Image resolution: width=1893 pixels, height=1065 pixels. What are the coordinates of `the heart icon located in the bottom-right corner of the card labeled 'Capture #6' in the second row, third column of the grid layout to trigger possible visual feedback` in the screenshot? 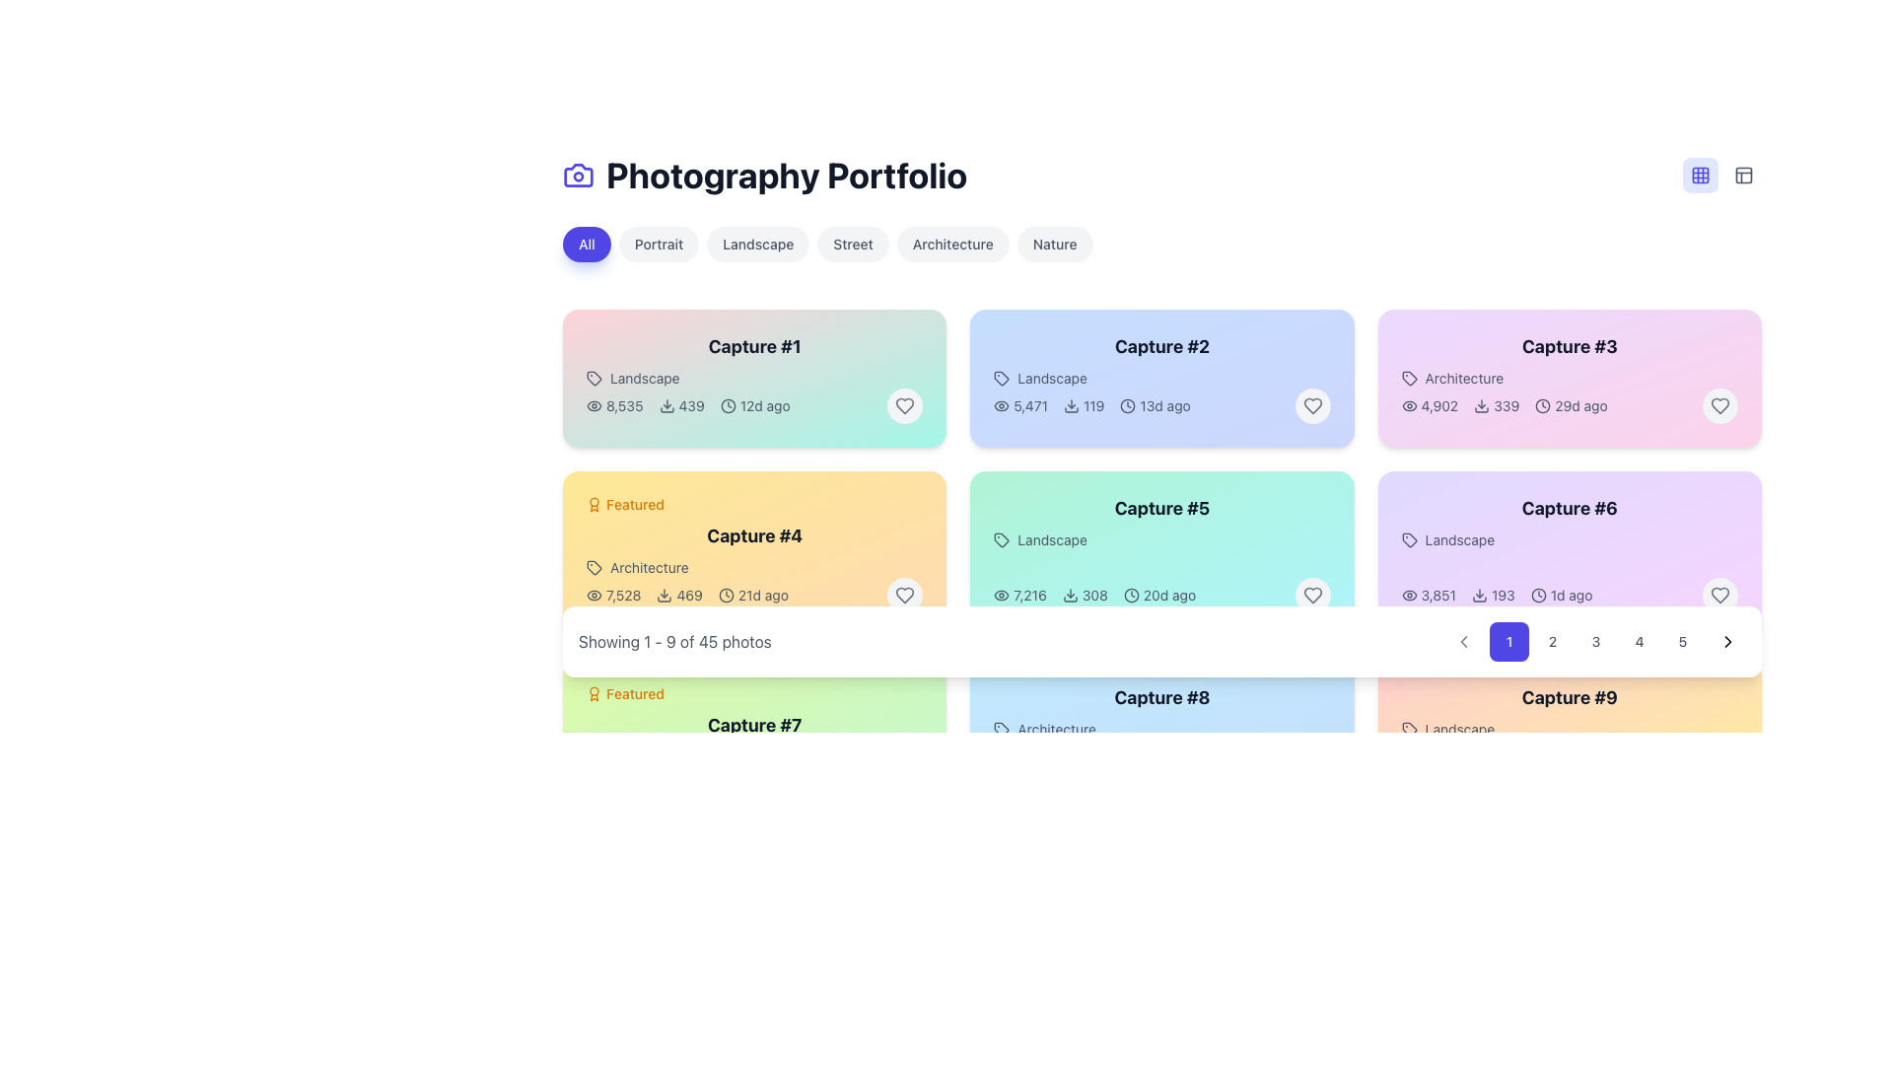 It's located at (1719, 595).